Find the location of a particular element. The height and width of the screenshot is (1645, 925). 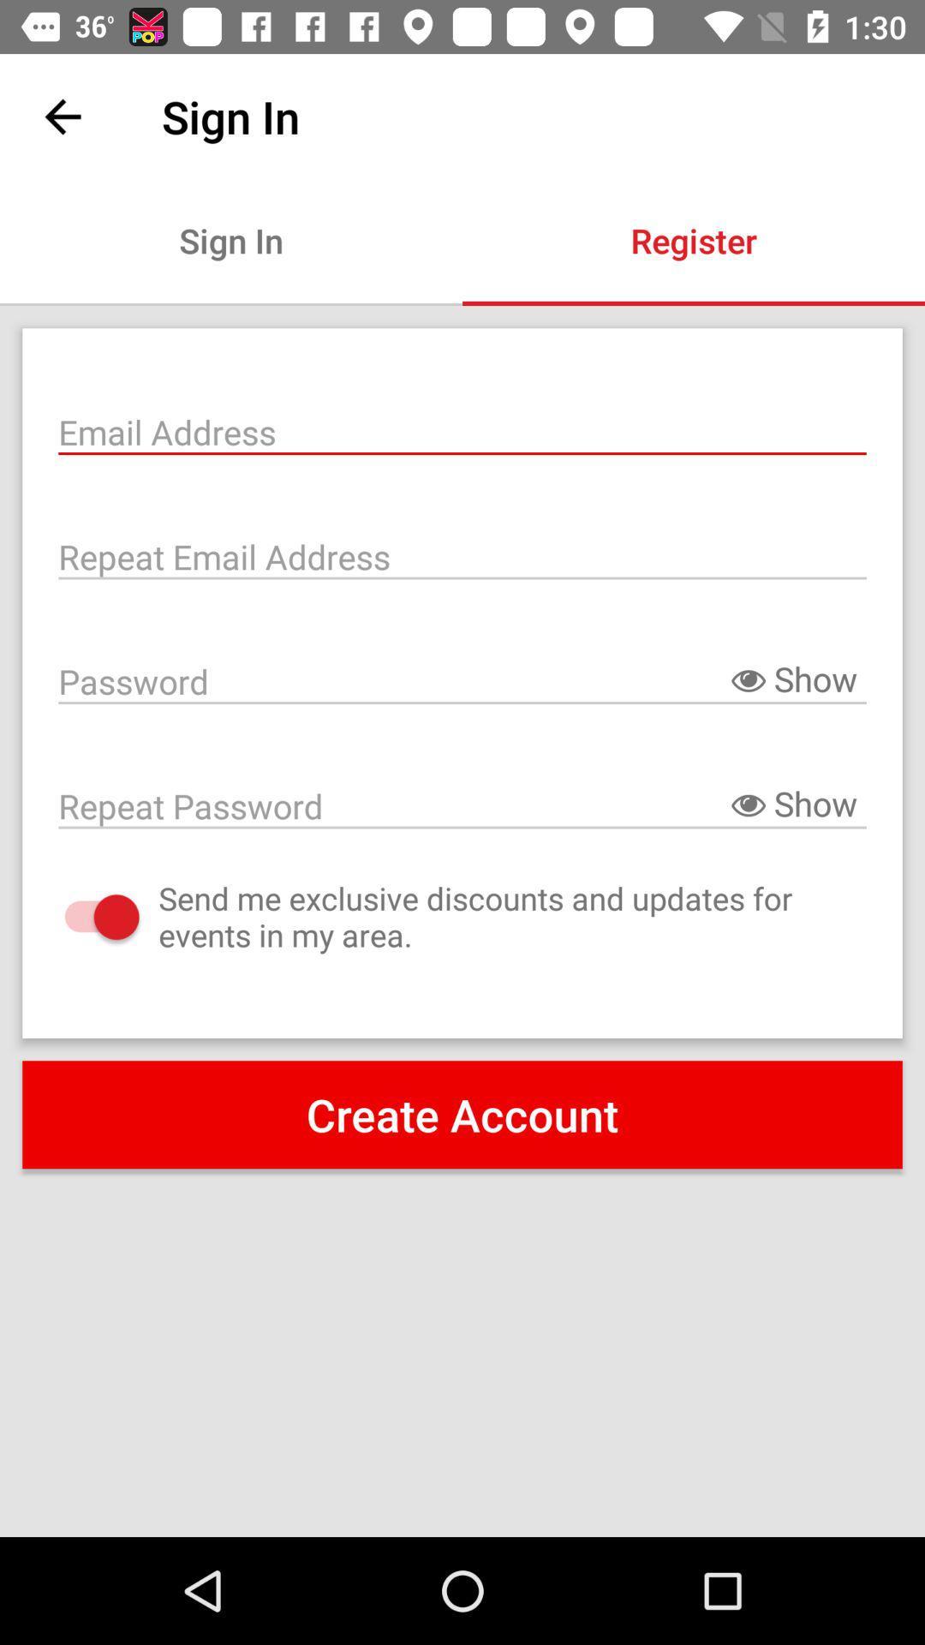

email address again is located at coordinates (462, 555).